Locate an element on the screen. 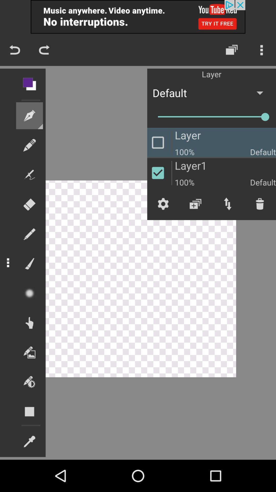 The image size is (276, 492). the edit icon is located at coordinates (29, 145).